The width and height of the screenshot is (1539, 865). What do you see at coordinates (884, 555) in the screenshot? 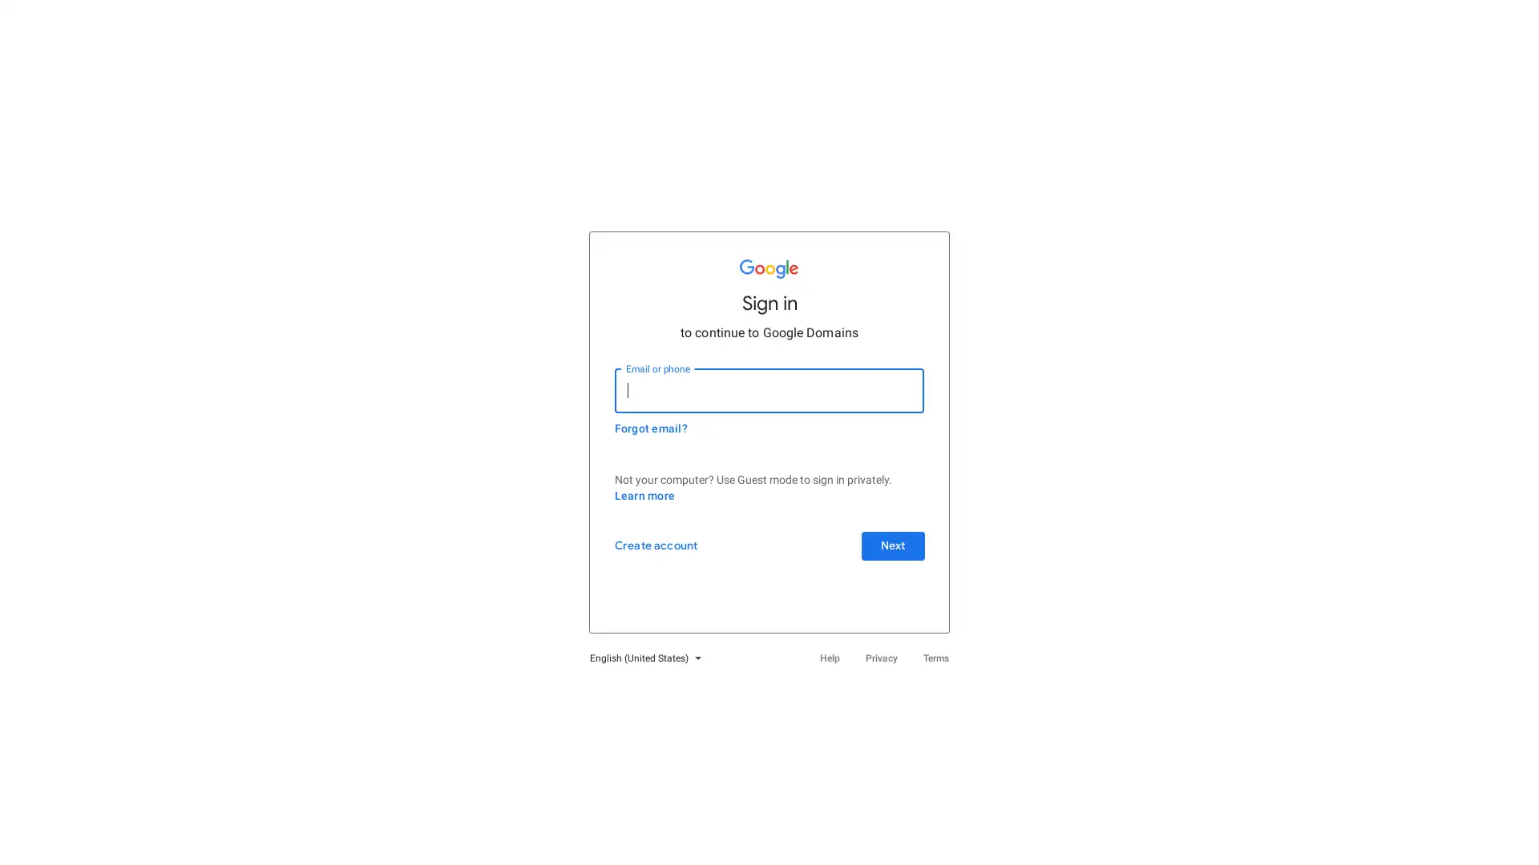
I see `Next` at bounding box center [884, 555].